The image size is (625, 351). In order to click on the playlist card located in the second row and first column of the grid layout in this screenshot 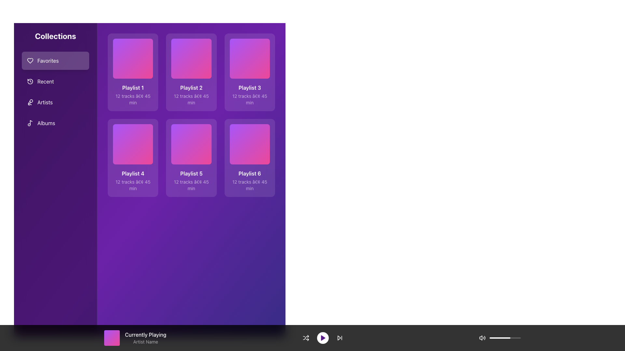, I will do `click(132, 158)`.